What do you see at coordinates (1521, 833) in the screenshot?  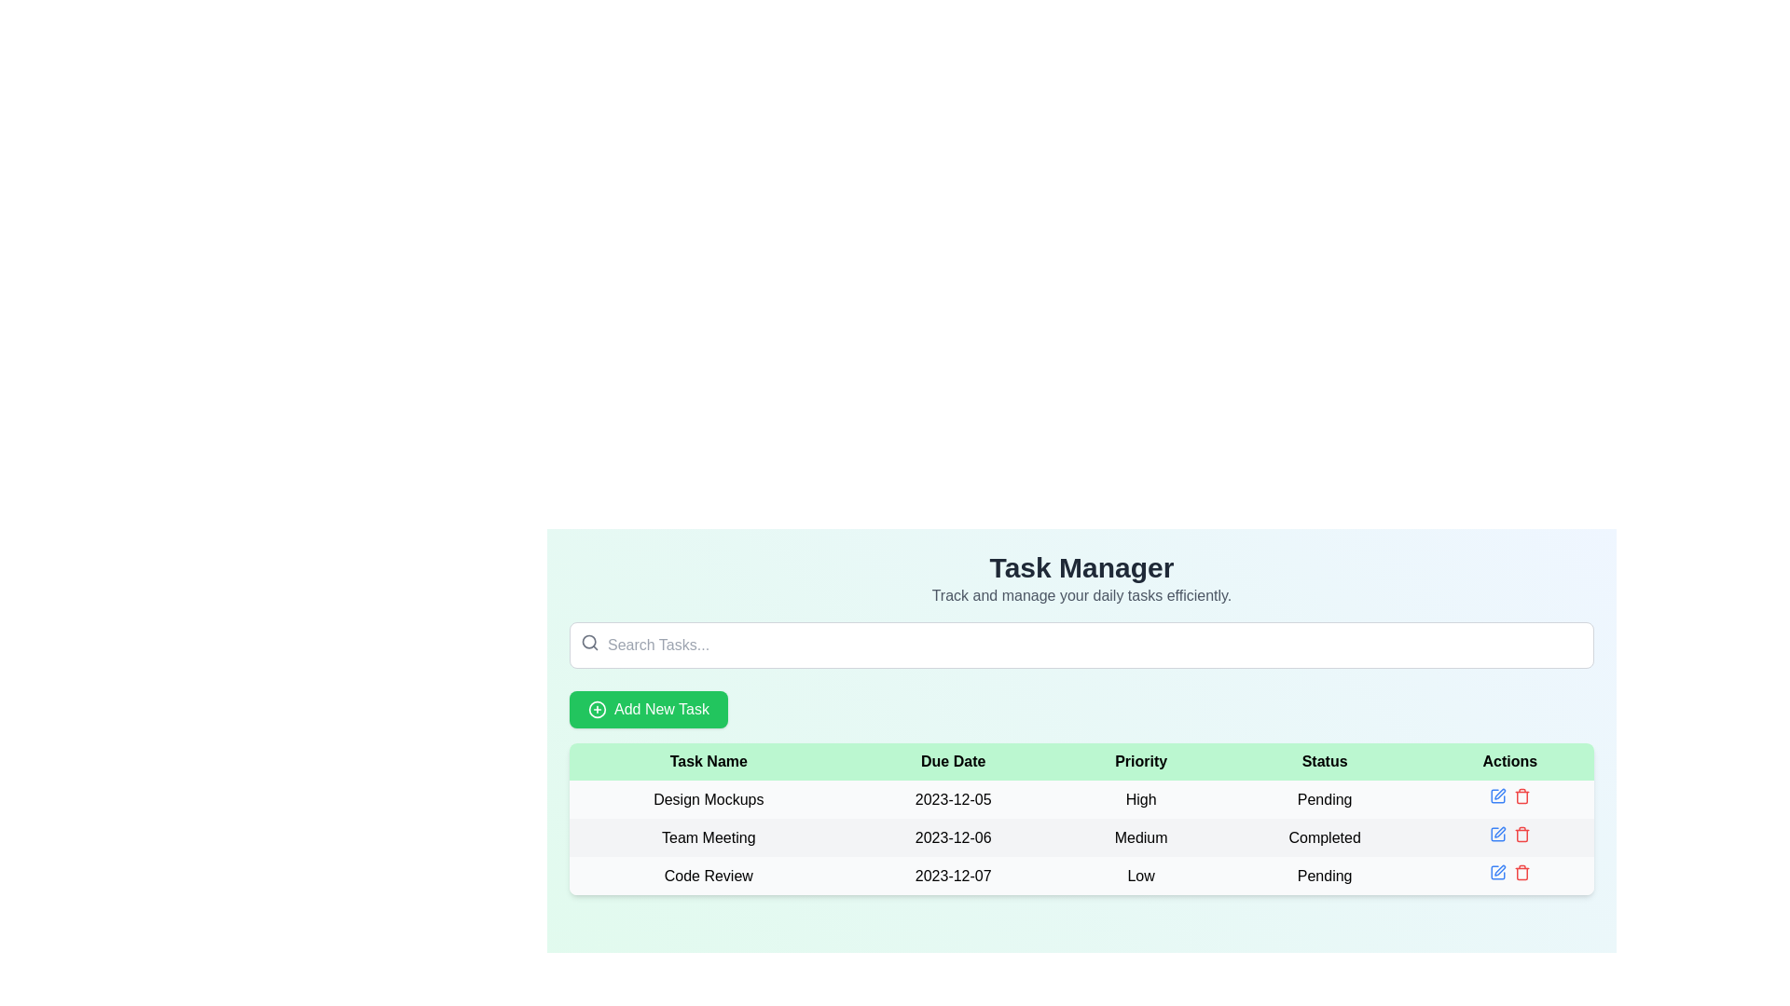 I see `the red trash-can icon button in the 'Actions' column, second row, next to the 'Completed' status for the 'Team Meeting' task to trigger the color change effect` at bounding box center [1521, 833].